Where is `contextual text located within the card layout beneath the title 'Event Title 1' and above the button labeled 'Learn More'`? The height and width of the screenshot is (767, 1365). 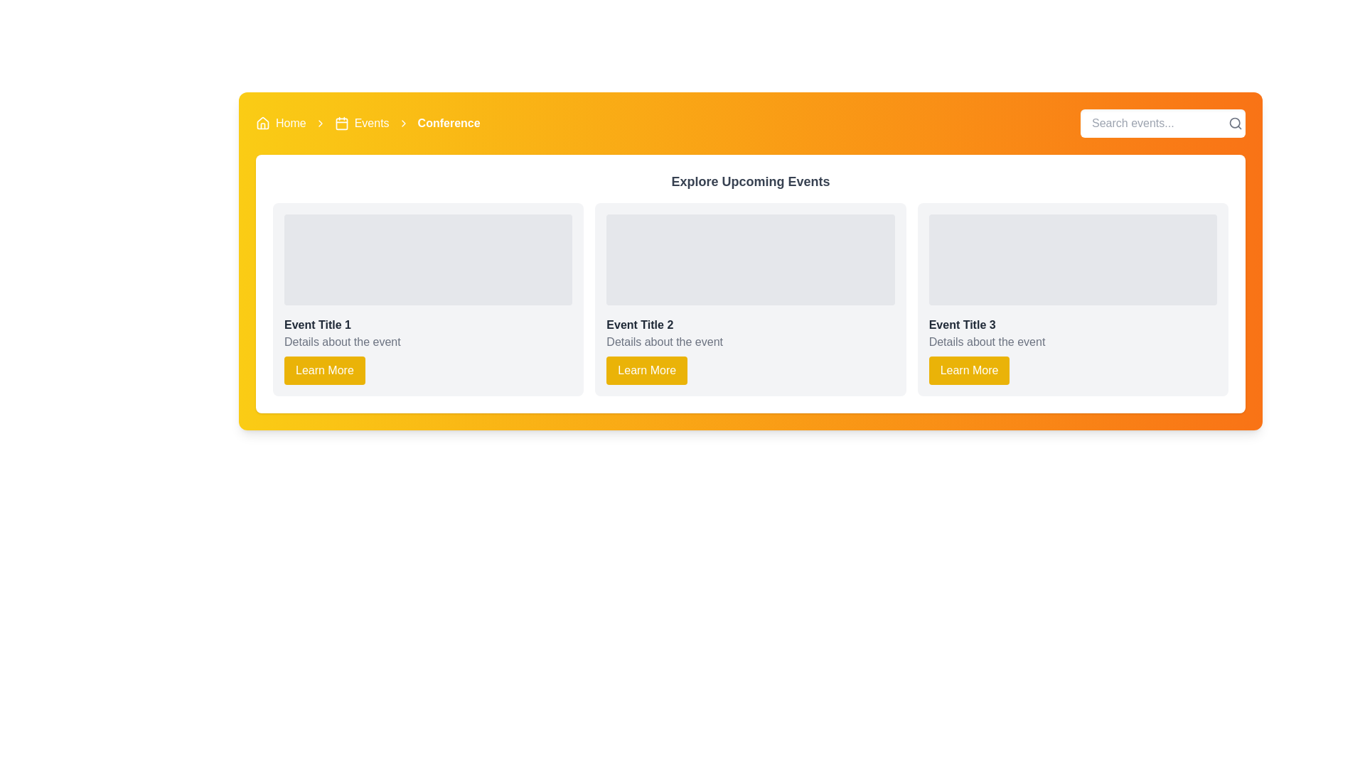
contextual text located within the card layout beneath the title 'Event Title 1' and above the button labeled 'Learn More' is located at coordinates (342, 342).